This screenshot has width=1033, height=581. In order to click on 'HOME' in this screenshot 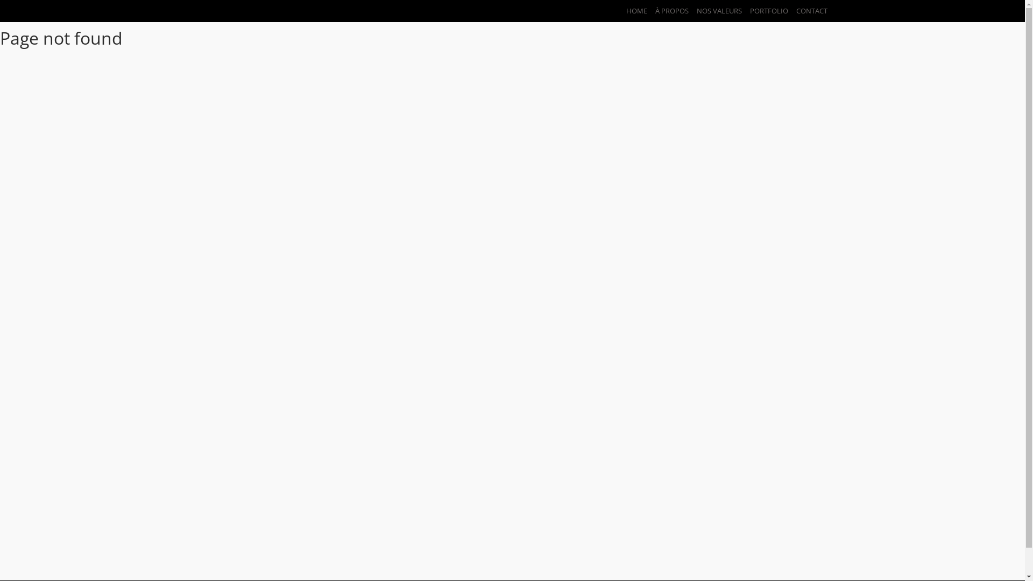, I will do `click(617, 10)`.